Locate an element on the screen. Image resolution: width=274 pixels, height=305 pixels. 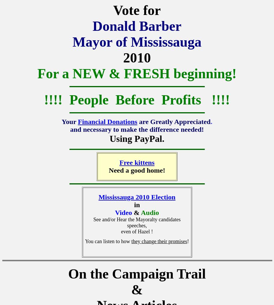
'in' is located at coordinates (136, 205).